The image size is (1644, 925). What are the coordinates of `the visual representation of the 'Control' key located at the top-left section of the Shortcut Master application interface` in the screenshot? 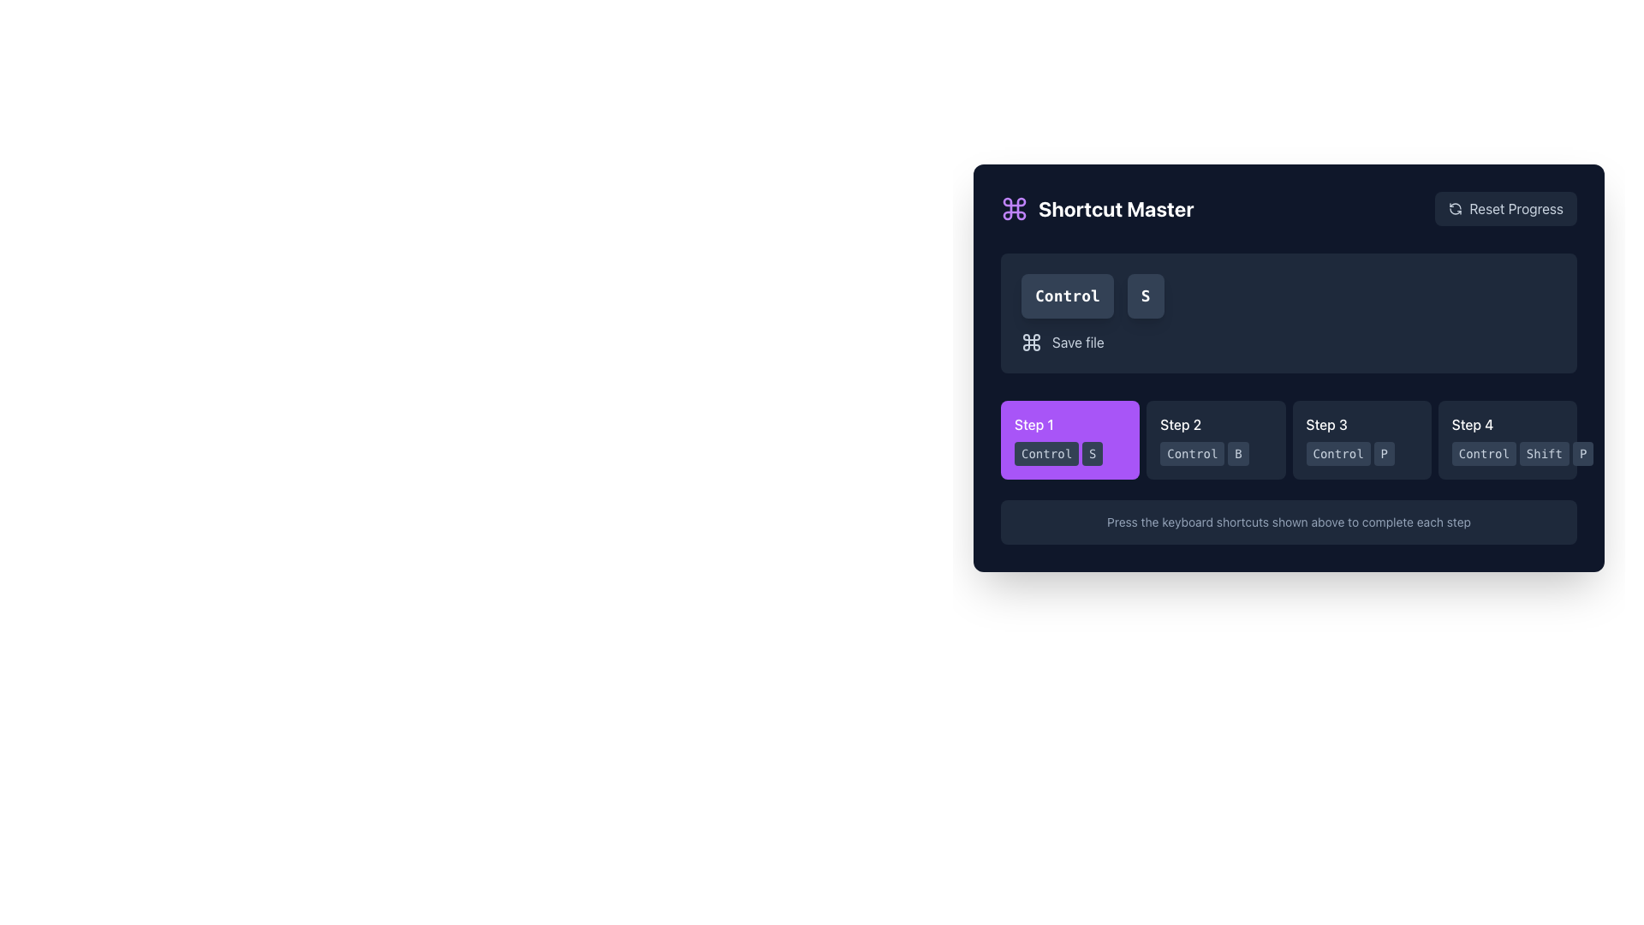 It's located at (1066, 295).